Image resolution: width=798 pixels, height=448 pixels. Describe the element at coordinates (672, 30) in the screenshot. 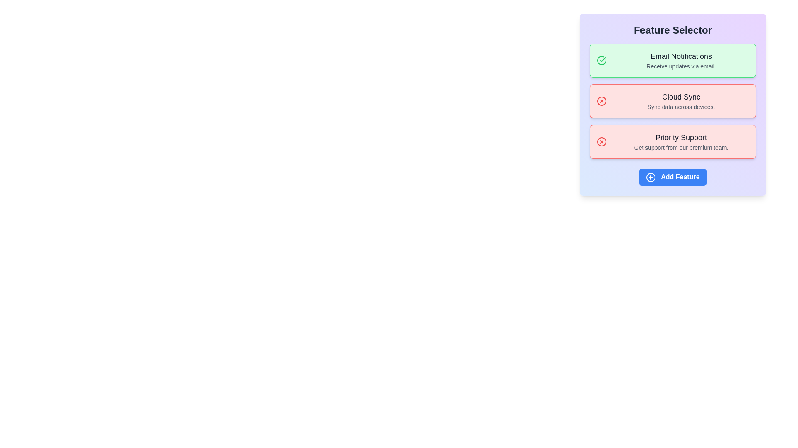

I see `the heading labeled 'Feature Selector' which is styled with bold, large-sized dark gray text and positioned at the top of a card with a gradient background` at that location.